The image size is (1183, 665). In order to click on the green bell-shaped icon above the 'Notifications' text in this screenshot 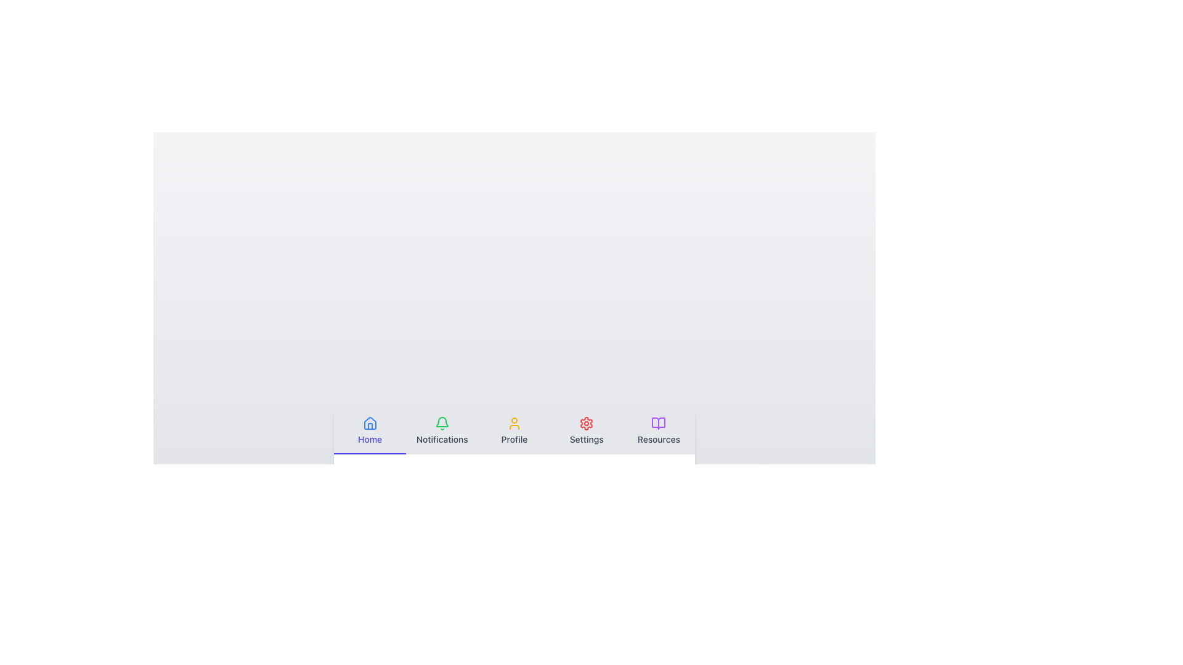, I will do `click(442, 422)`.